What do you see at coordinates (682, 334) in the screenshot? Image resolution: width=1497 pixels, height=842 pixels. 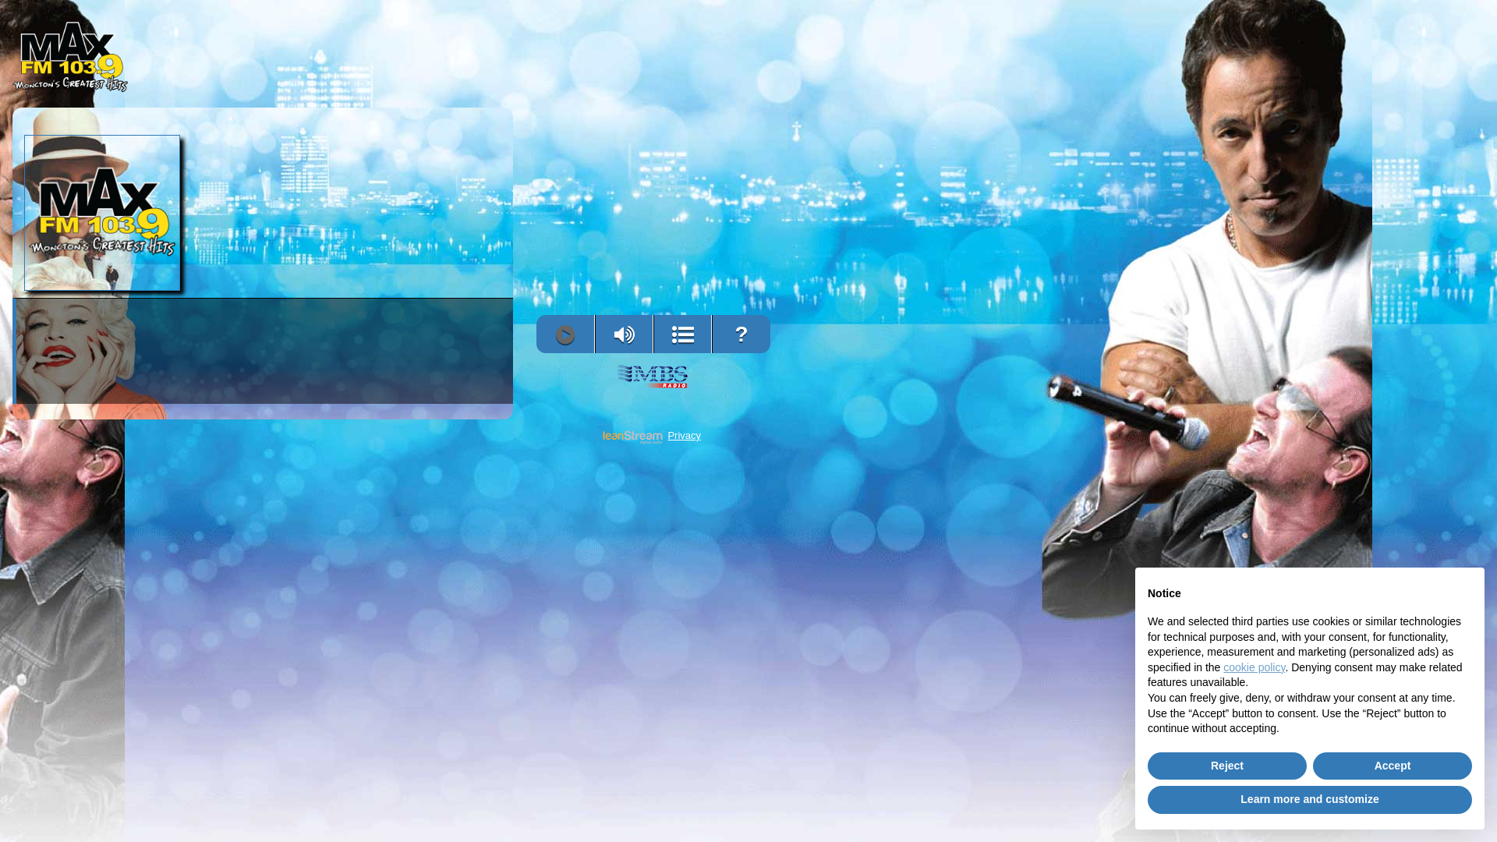 I see `'View Song History'` at bounding box center [682, 334].